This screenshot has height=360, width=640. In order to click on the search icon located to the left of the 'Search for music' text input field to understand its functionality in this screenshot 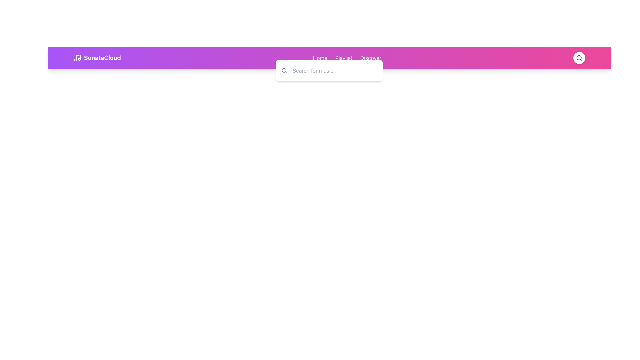, I will do `click(284, 71)`.